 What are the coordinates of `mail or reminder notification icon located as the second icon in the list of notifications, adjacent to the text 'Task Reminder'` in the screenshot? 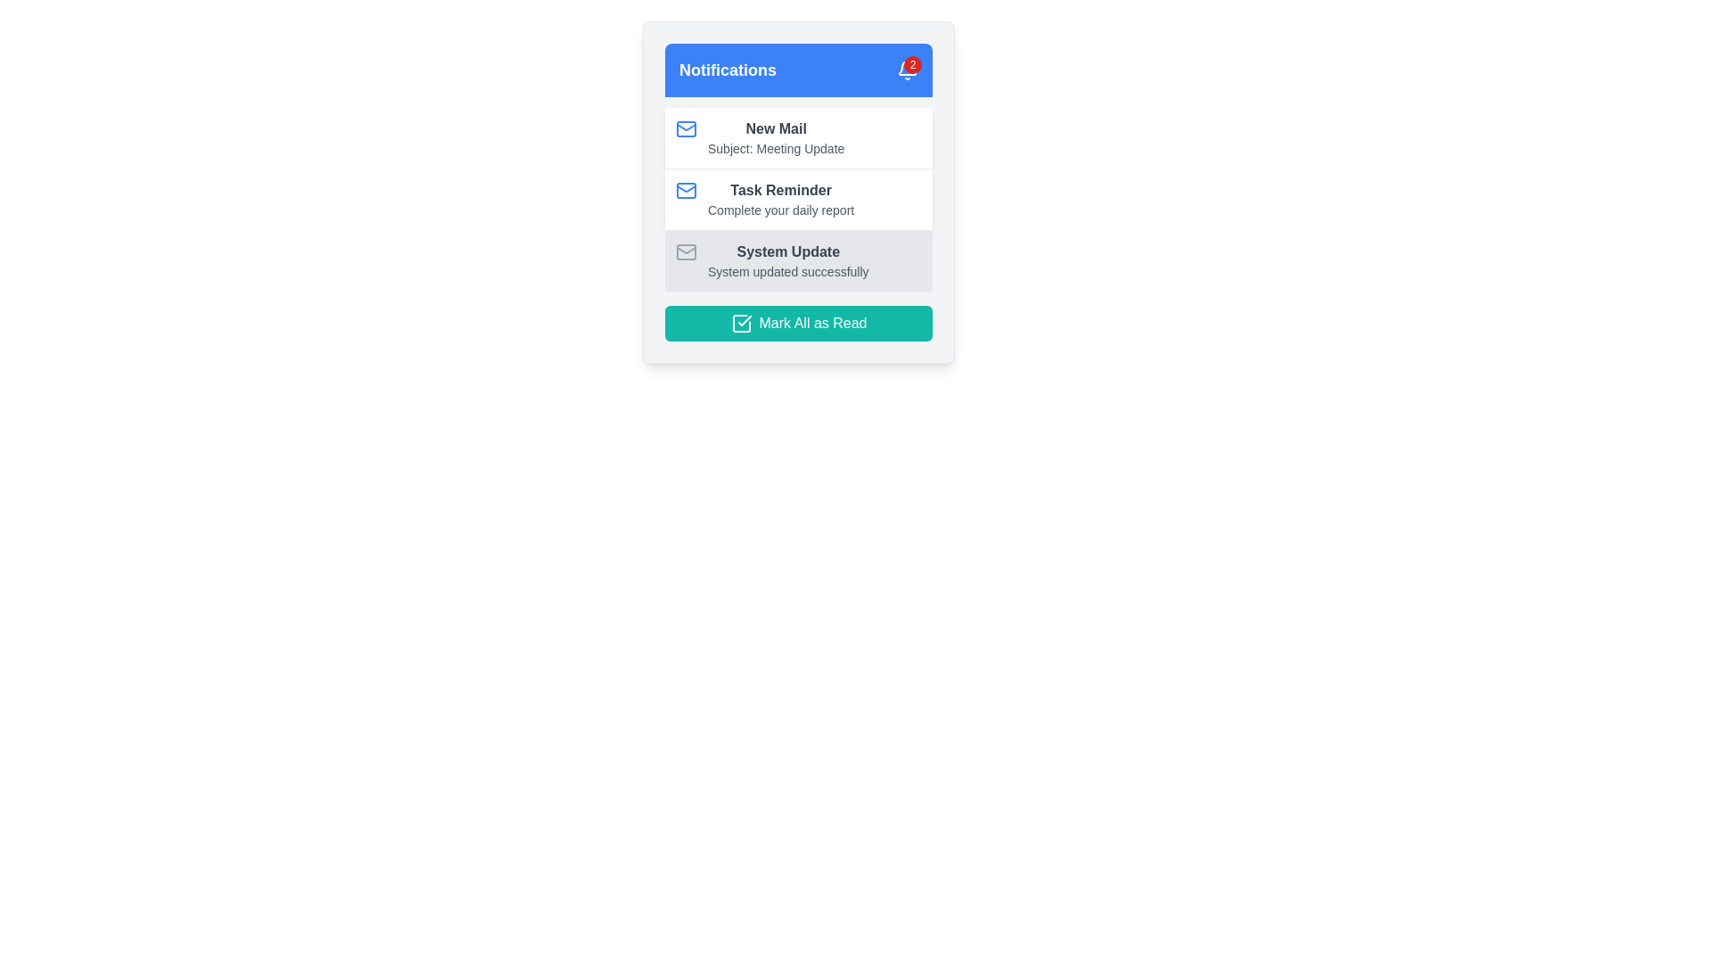 It's located at (685, 190).